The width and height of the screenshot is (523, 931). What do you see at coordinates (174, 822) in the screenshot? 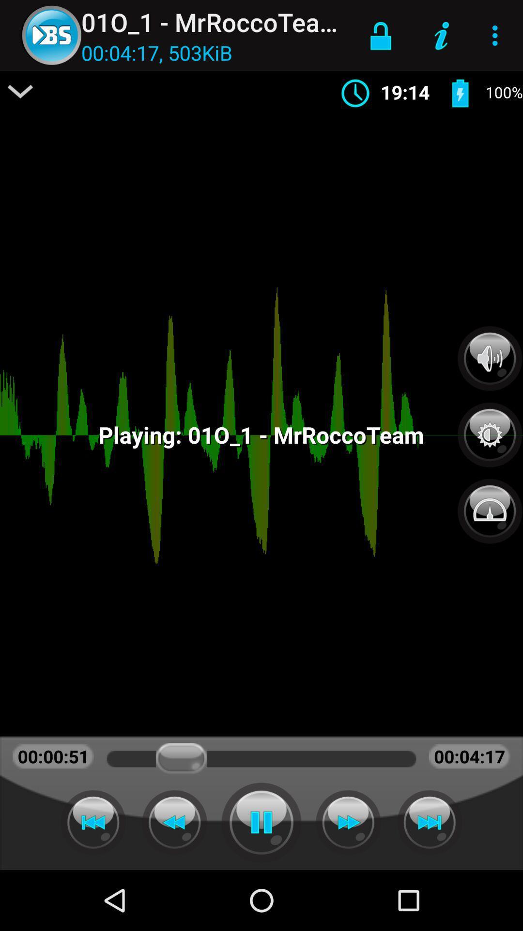
I see `the av_rewind icon` at bounding box center [174, 822].